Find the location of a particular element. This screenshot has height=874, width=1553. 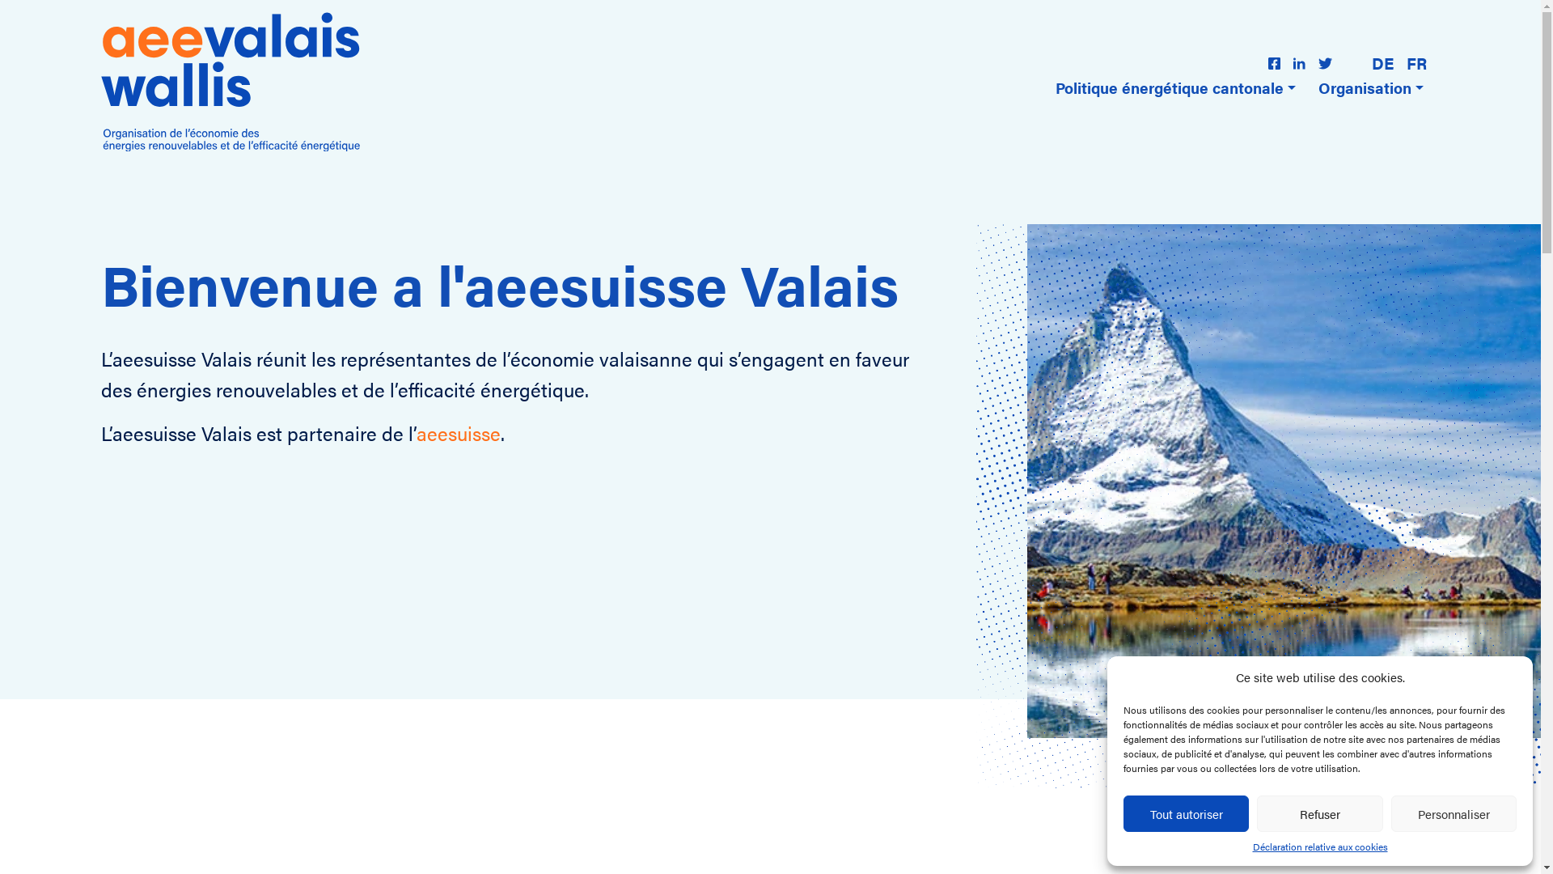

'aeesuisse' is located at coordinates (457, 432).